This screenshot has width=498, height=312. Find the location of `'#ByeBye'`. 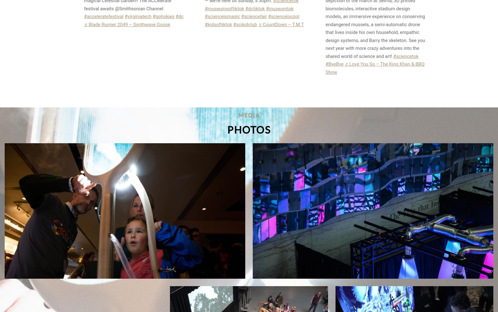

'#ByeBye' is located at coordinates (334, 64).